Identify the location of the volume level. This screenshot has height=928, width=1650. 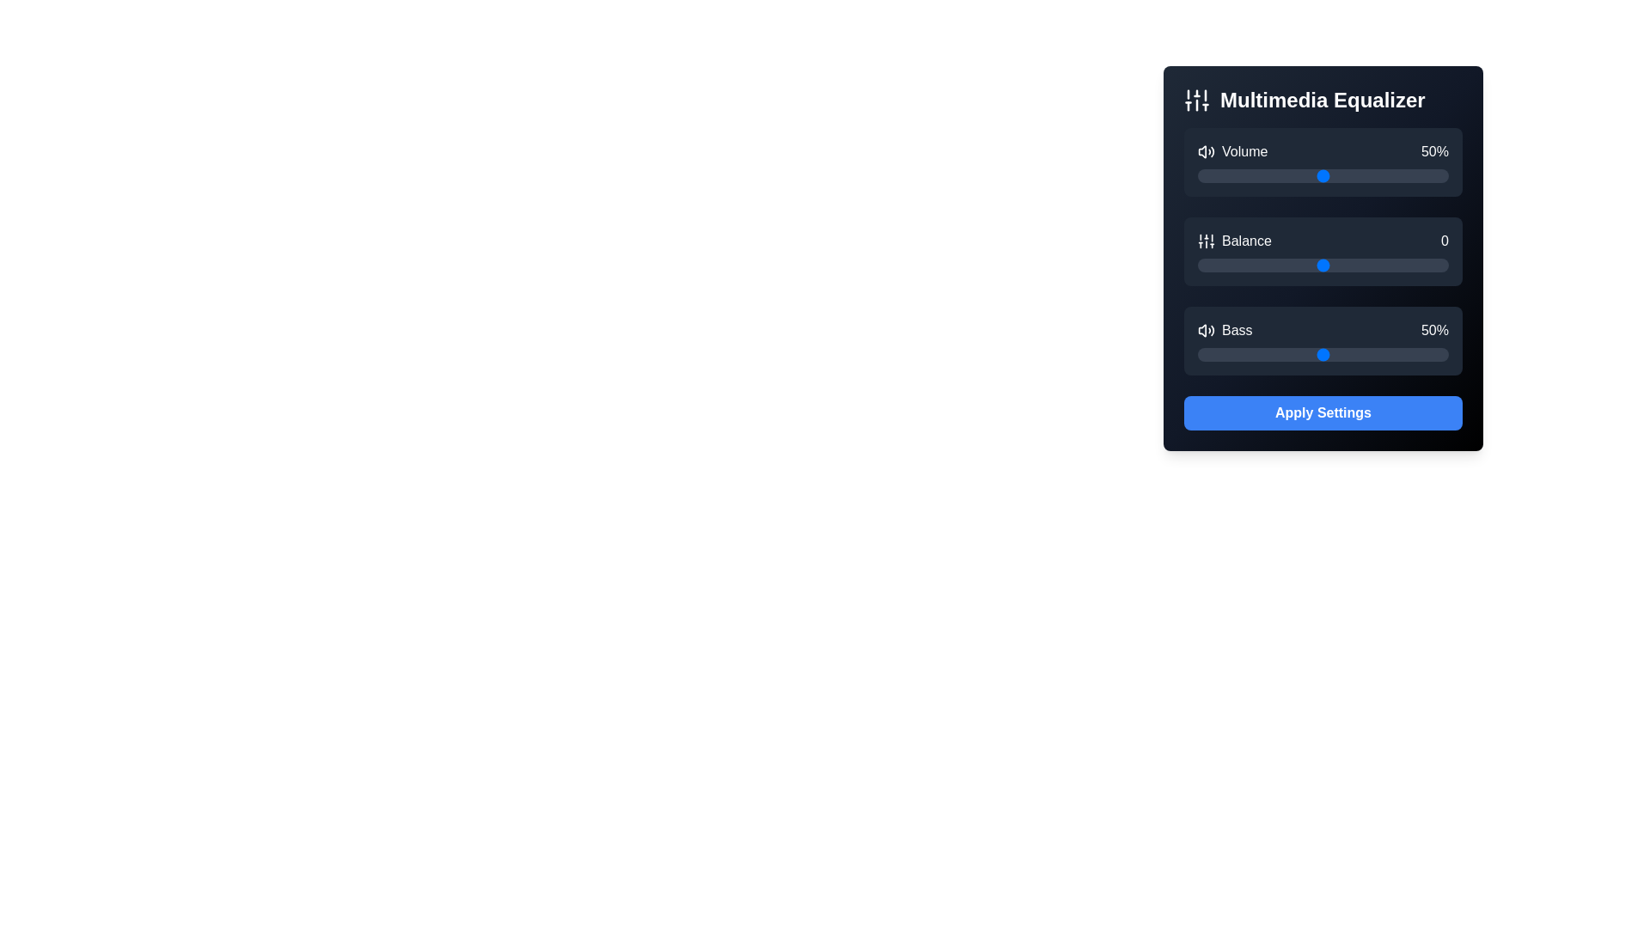
(1403, 175).